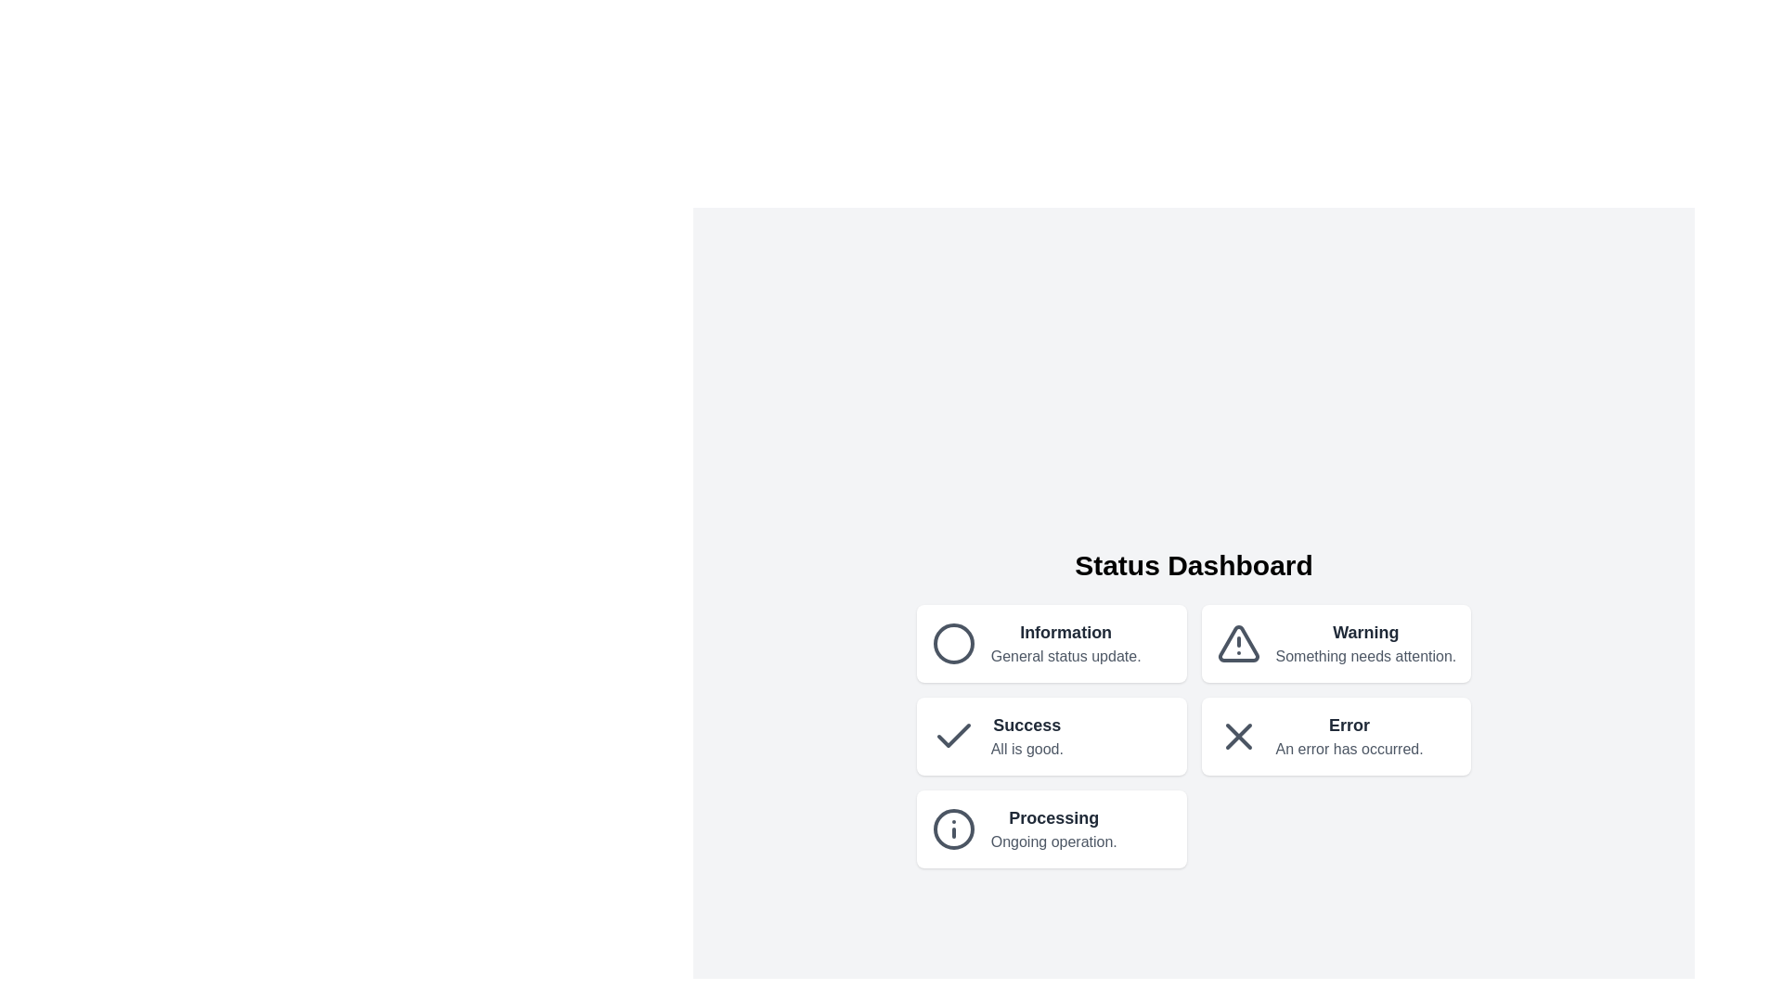  I want to click on the status label indicating the current state of an ongoing operation, located at the bottom left section of the status dashboard, so click(1053, 817).